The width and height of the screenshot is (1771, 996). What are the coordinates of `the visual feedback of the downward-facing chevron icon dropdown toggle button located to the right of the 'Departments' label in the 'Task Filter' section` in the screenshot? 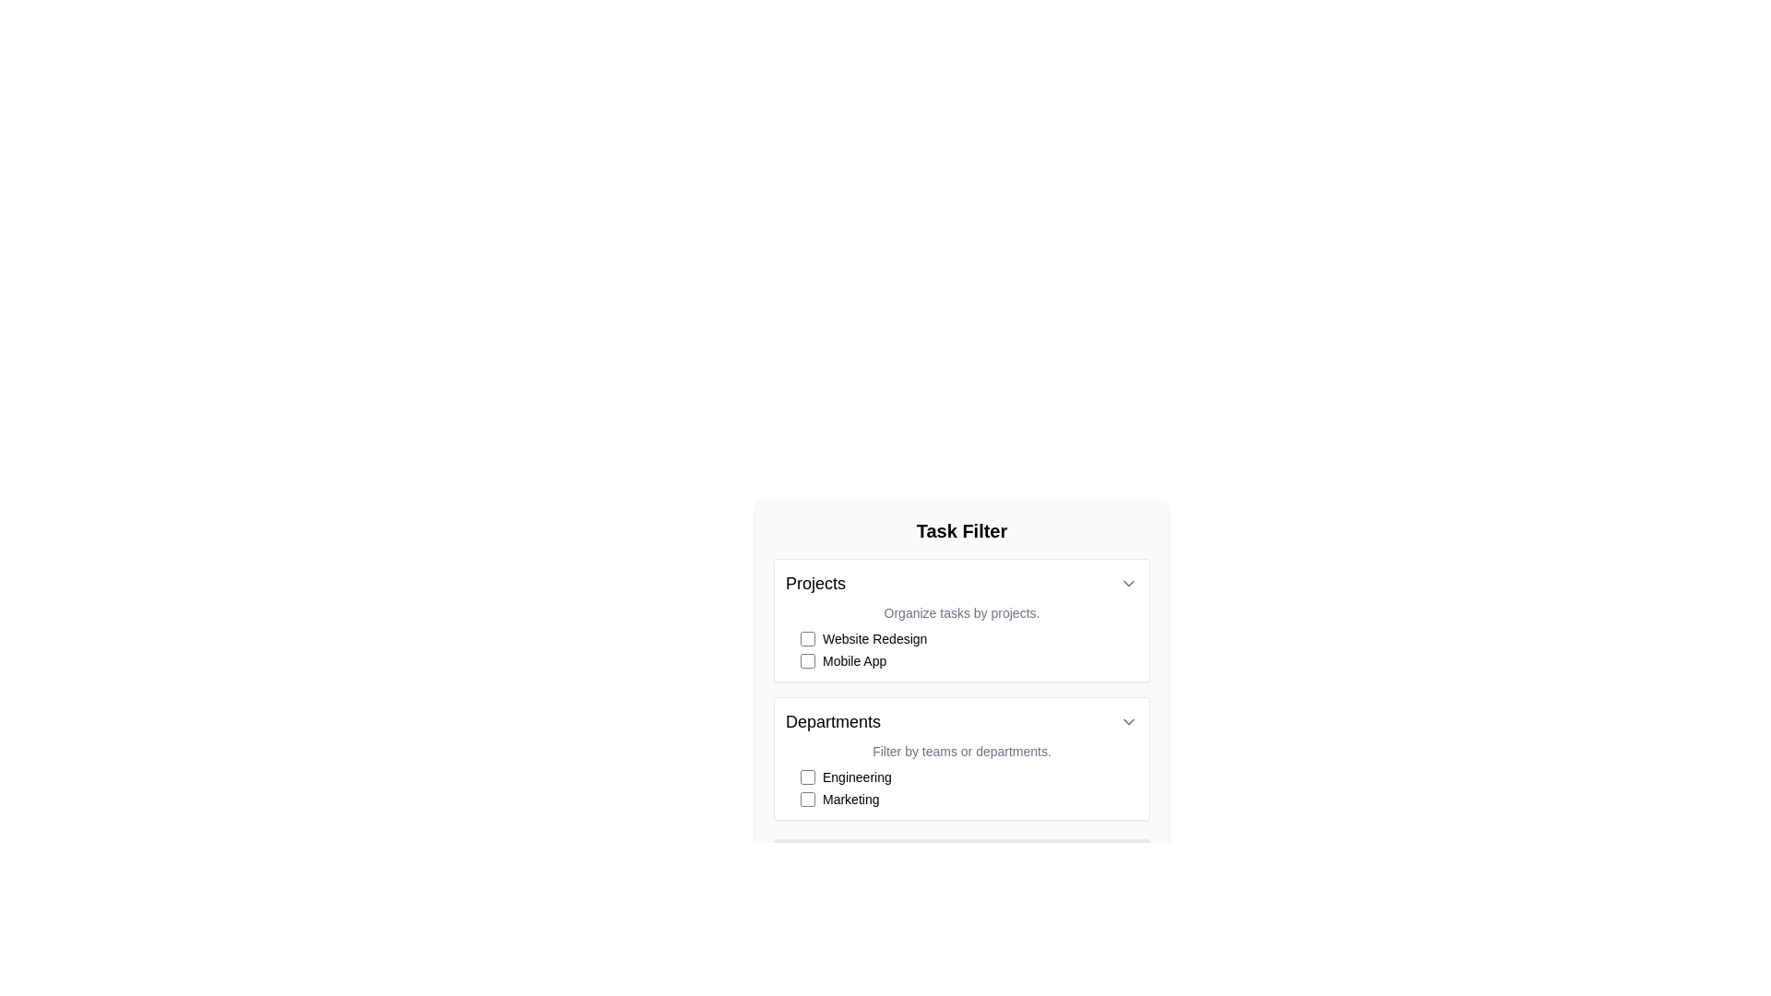 It's located at (1128, 721).